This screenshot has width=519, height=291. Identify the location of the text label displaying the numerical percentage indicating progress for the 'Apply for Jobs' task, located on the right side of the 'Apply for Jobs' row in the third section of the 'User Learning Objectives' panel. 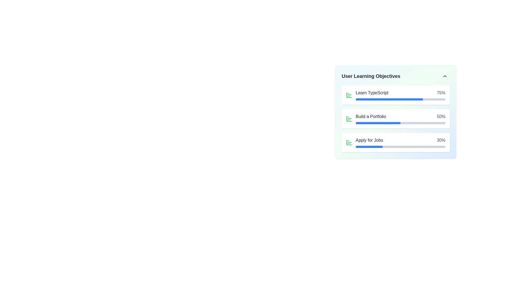
(441, 140).